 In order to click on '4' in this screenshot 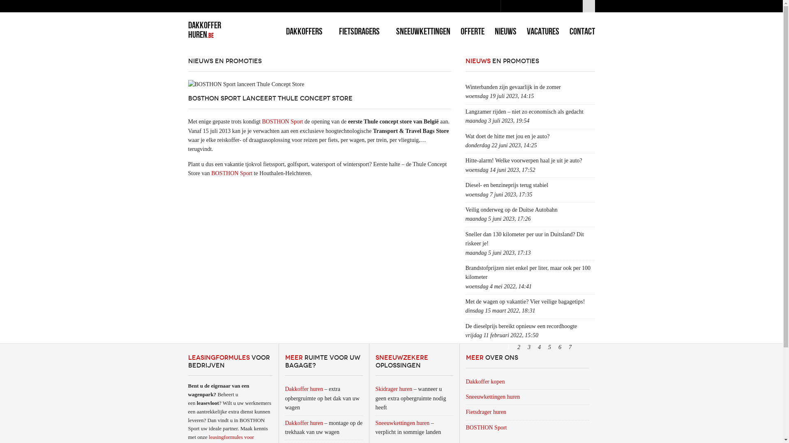, I will do `click(539, 347)`.